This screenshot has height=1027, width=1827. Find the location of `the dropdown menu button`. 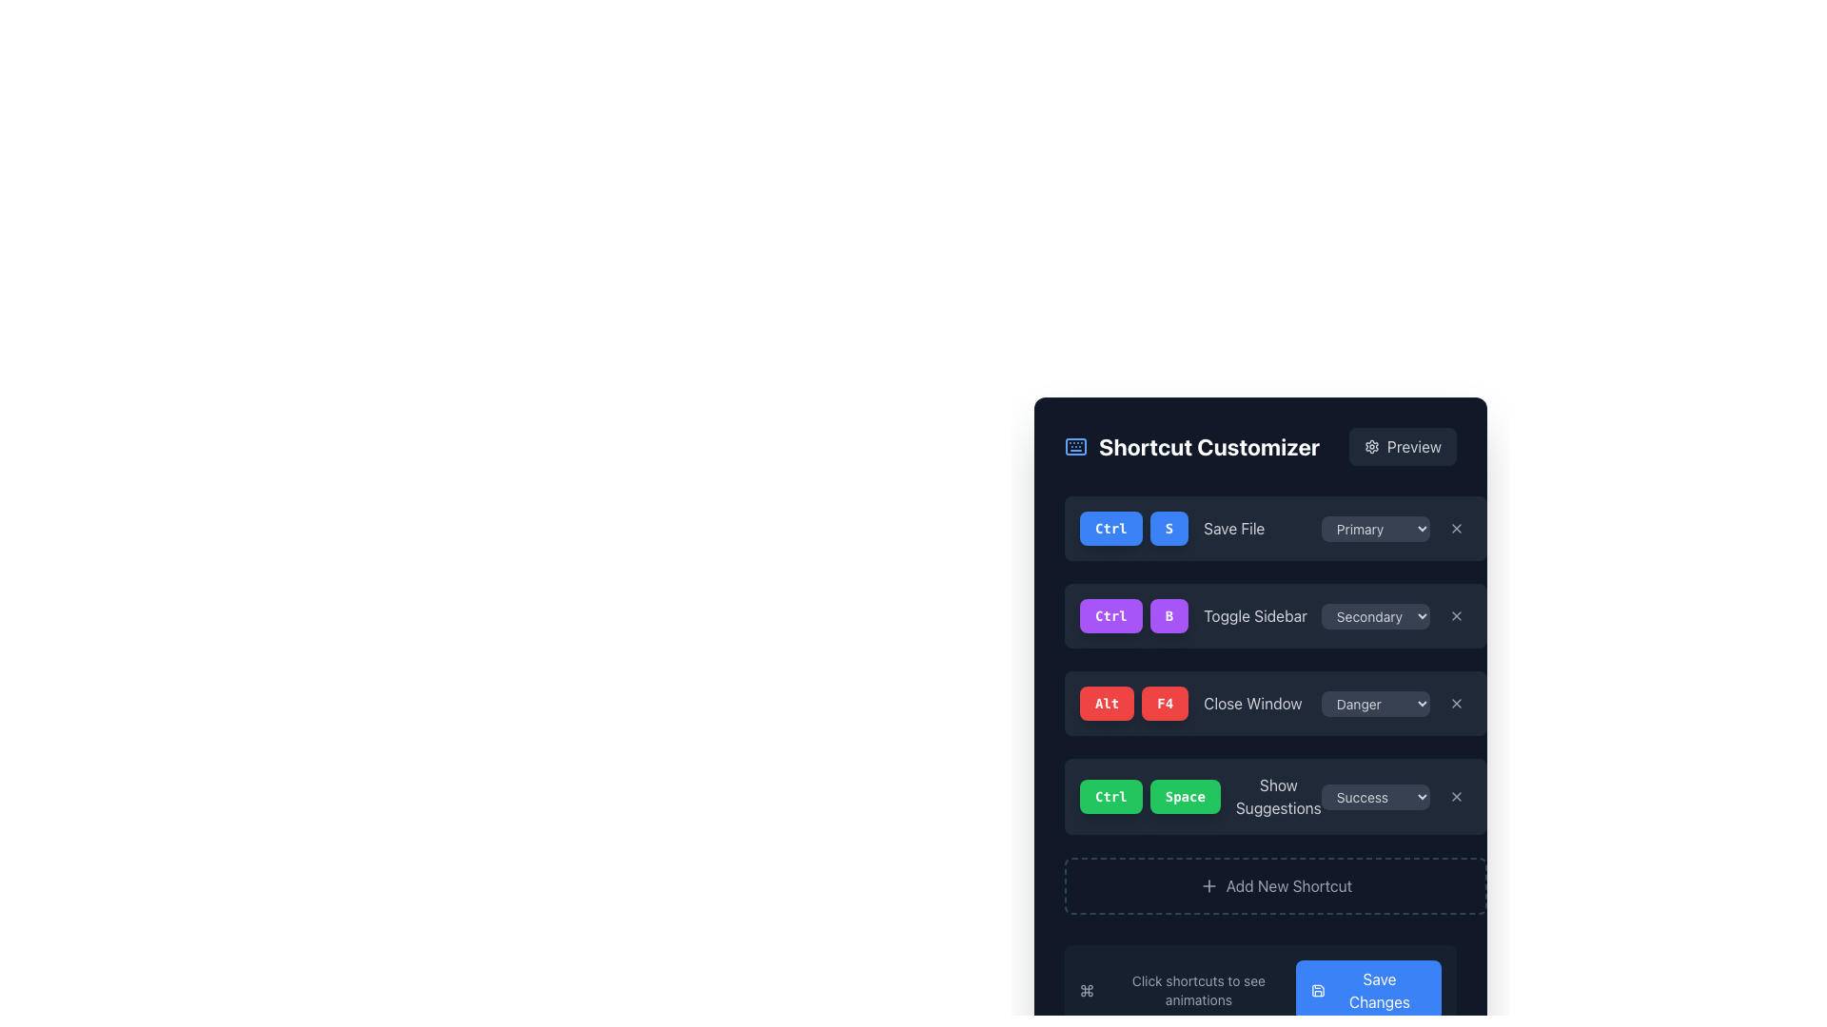

the dropdown menu button is located at coordinates (1396, 704).